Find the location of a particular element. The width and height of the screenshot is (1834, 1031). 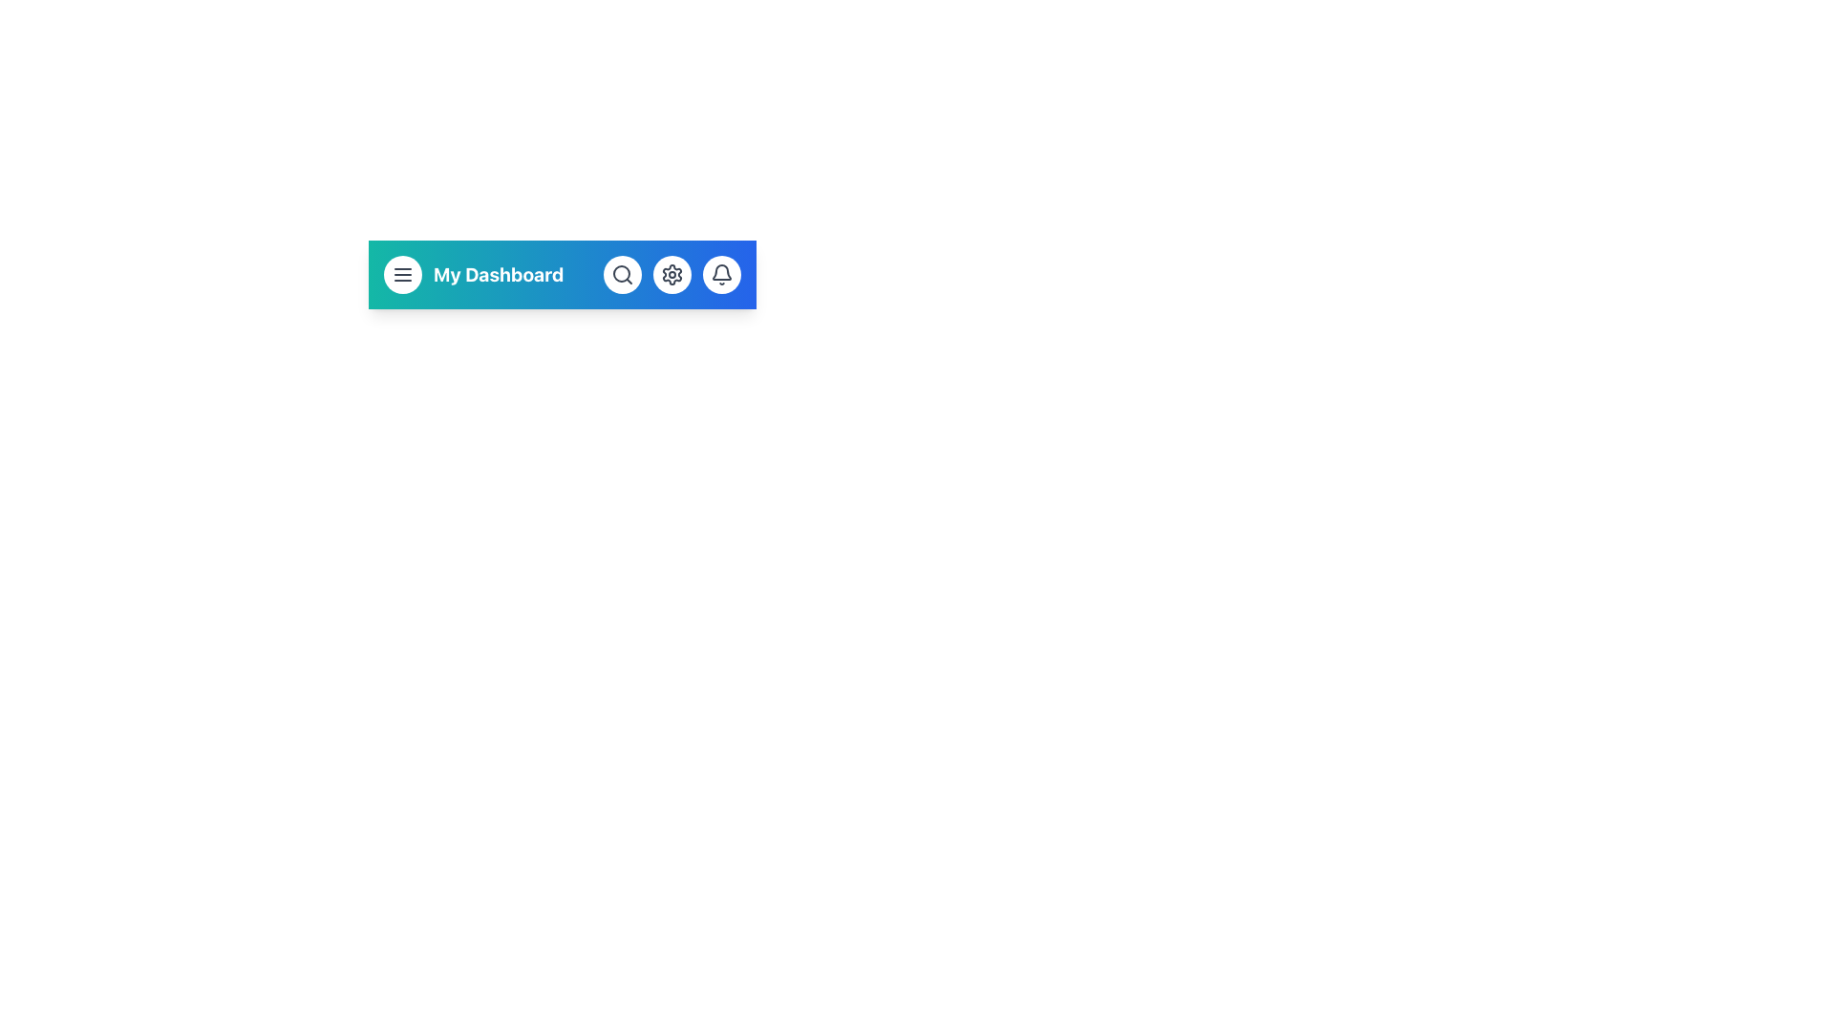

the circular graphical element within the icon located at the center of the toolbar is located at coordinates (622, 273).